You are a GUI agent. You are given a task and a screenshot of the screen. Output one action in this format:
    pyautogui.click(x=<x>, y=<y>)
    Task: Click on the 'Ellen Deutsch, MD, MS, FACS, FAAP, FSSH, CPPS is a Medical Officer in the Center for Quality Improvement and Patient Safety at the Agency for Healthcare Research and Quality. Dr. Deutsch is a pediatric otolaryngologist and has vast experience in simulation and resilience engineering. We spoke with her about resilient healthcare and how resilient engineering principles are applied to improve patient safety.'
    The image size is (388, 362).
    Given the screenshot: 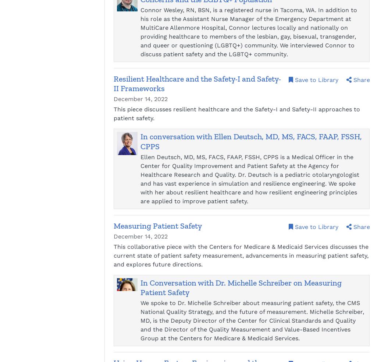 What is the action you would take?
    pyautogui.click(x=249, y=178)
    